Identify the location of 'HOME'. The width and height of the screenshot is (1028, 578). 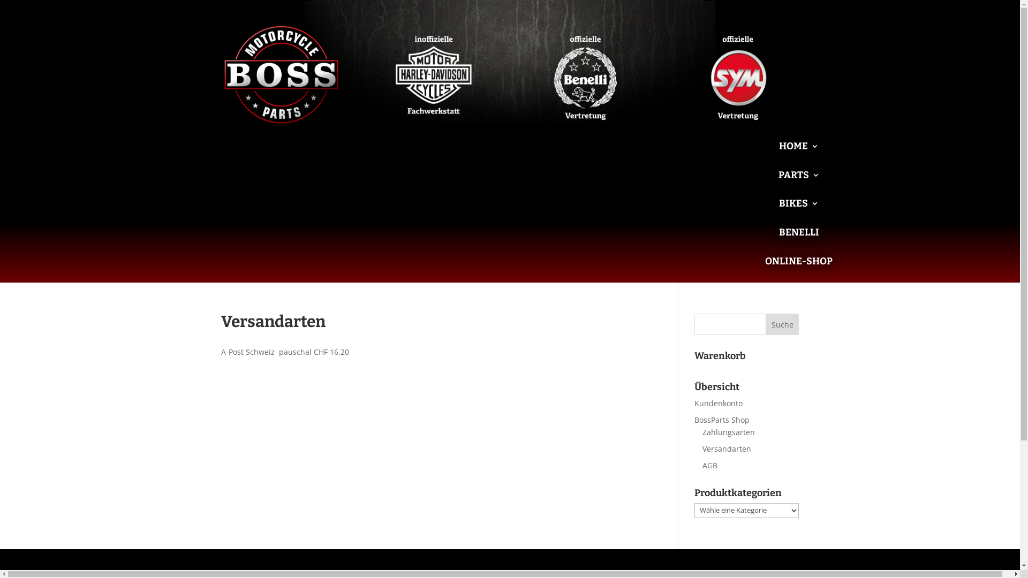
(799, 154).